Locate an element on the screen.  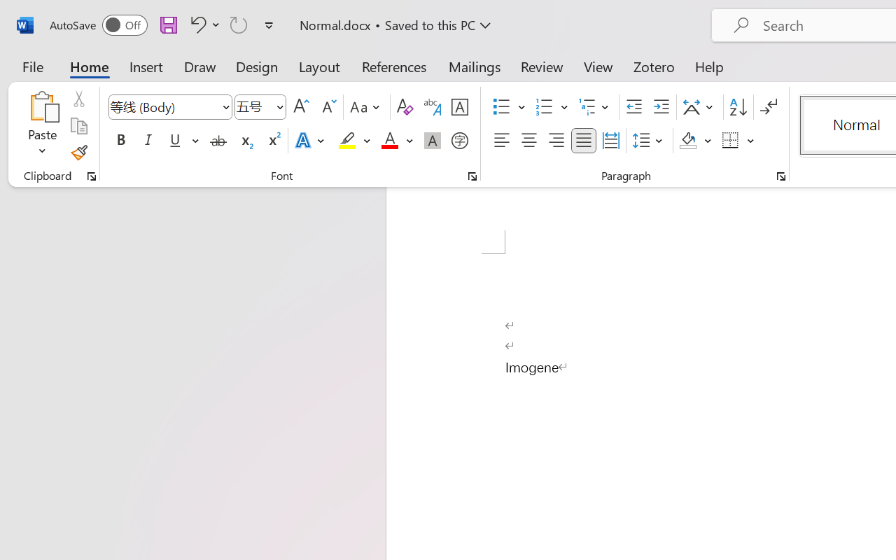
'Shrink Font' is located at coordinates (327, 107).